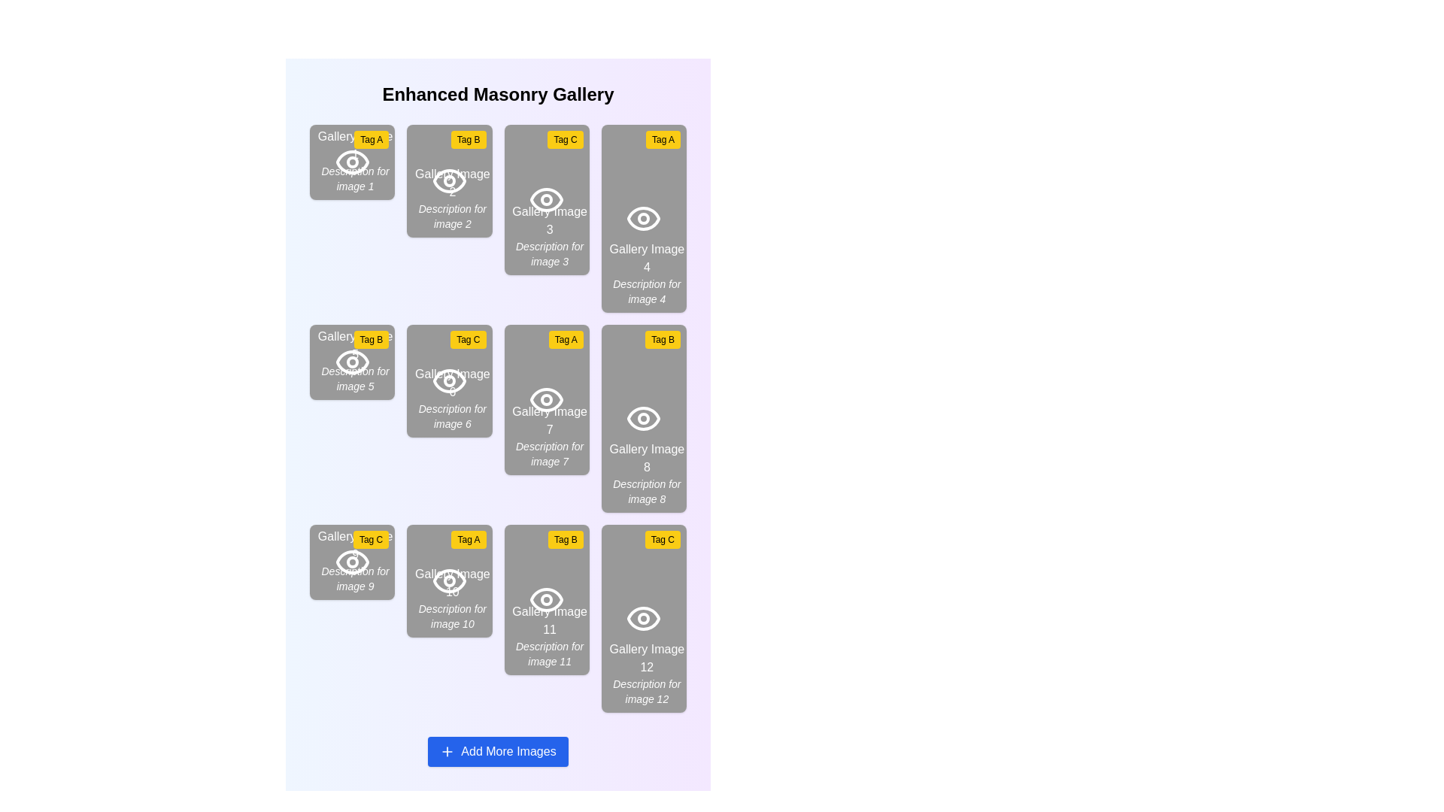  Describe the element at coordinates (451, 582) in the screenshot. I see `the non-interactive text label that serves as a title for the associated gallery image in the fourth row, second column, above the descriptive text 'Description for image 10'` at that location.